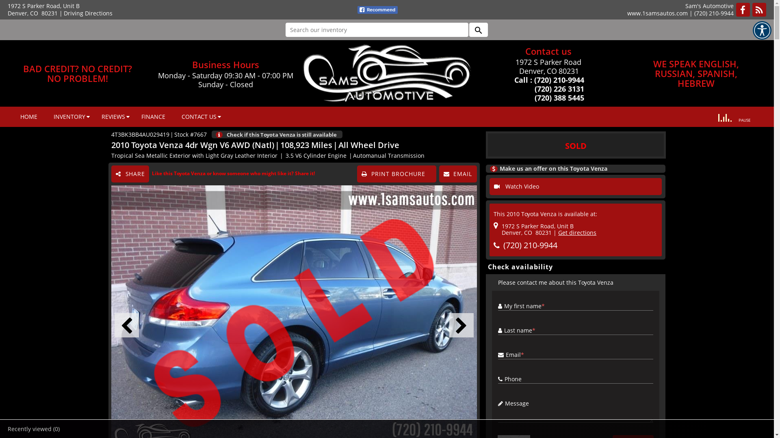 The image size is (780, 438). I want to click on 'Make us an offer on this Toyota Venza', so click(575, 168).